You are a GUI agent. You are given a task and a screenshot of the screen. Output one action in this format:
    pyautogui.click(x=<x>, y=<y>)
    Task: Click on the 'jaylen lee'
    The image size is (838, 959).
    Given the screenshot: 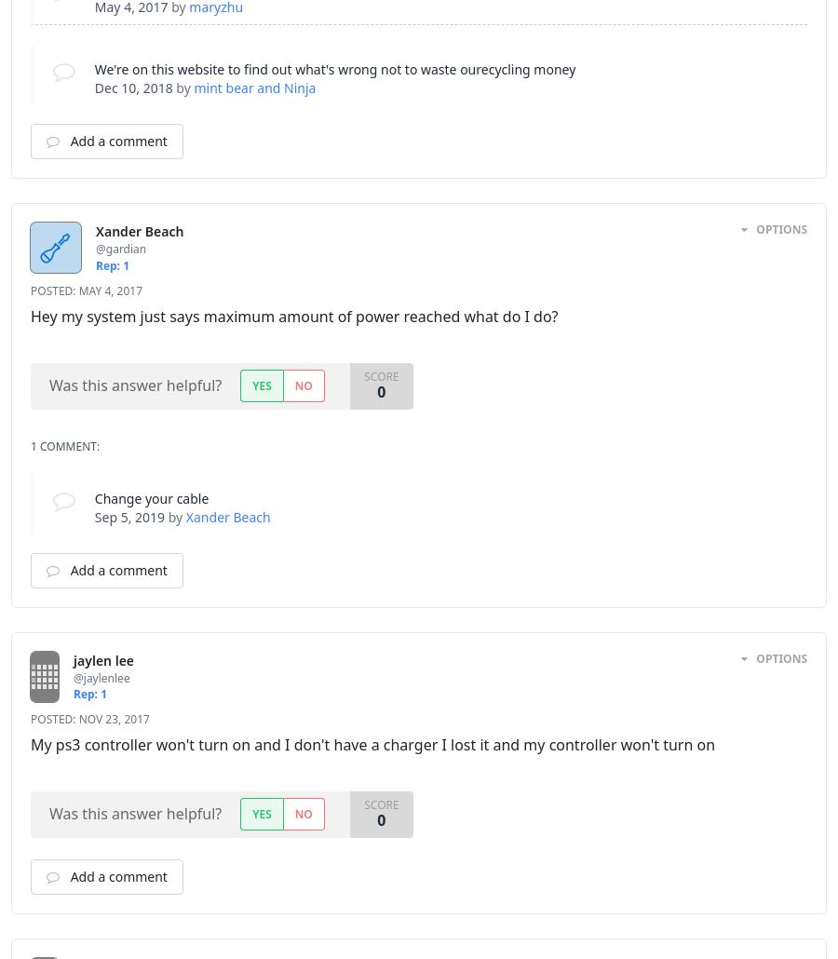 What is the action you would take?
    pyautogui.click(x=101, y=659)
    